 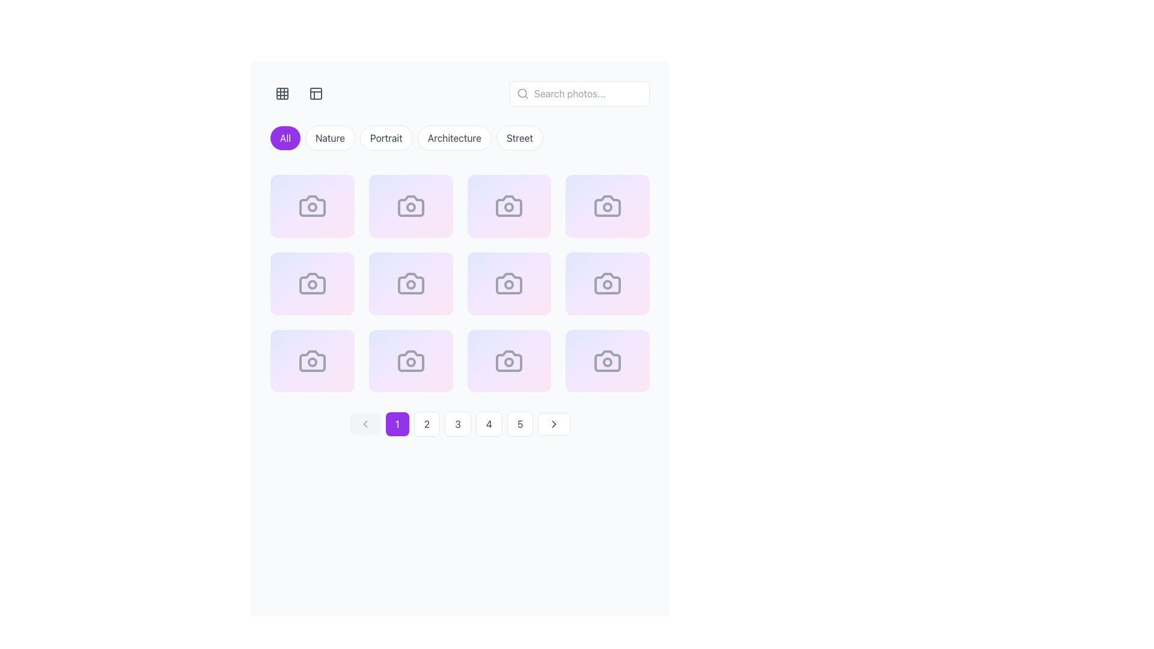 I want to click on the 'Architecture' pill-shaped button located near the top-center of the interface to apply the Architecture filter, so click(x=454, y=138).